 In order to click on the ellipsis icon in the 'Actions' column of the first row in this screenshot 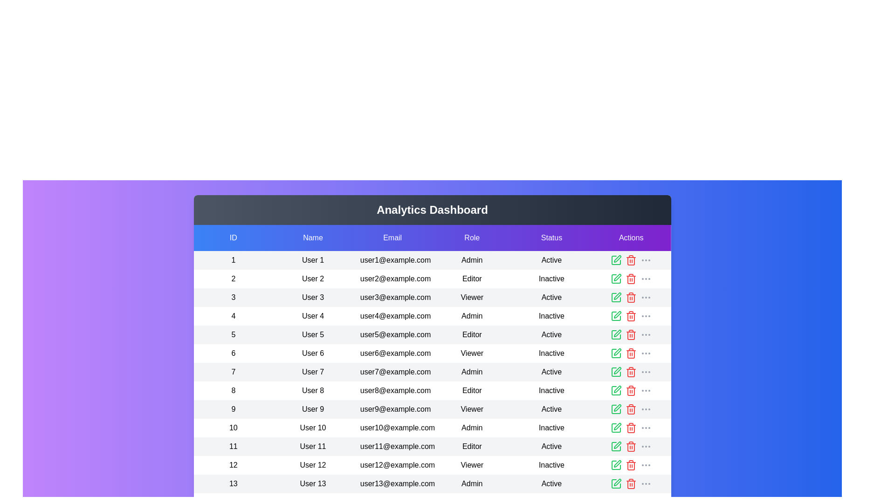, I will do `click(646, 260)`.